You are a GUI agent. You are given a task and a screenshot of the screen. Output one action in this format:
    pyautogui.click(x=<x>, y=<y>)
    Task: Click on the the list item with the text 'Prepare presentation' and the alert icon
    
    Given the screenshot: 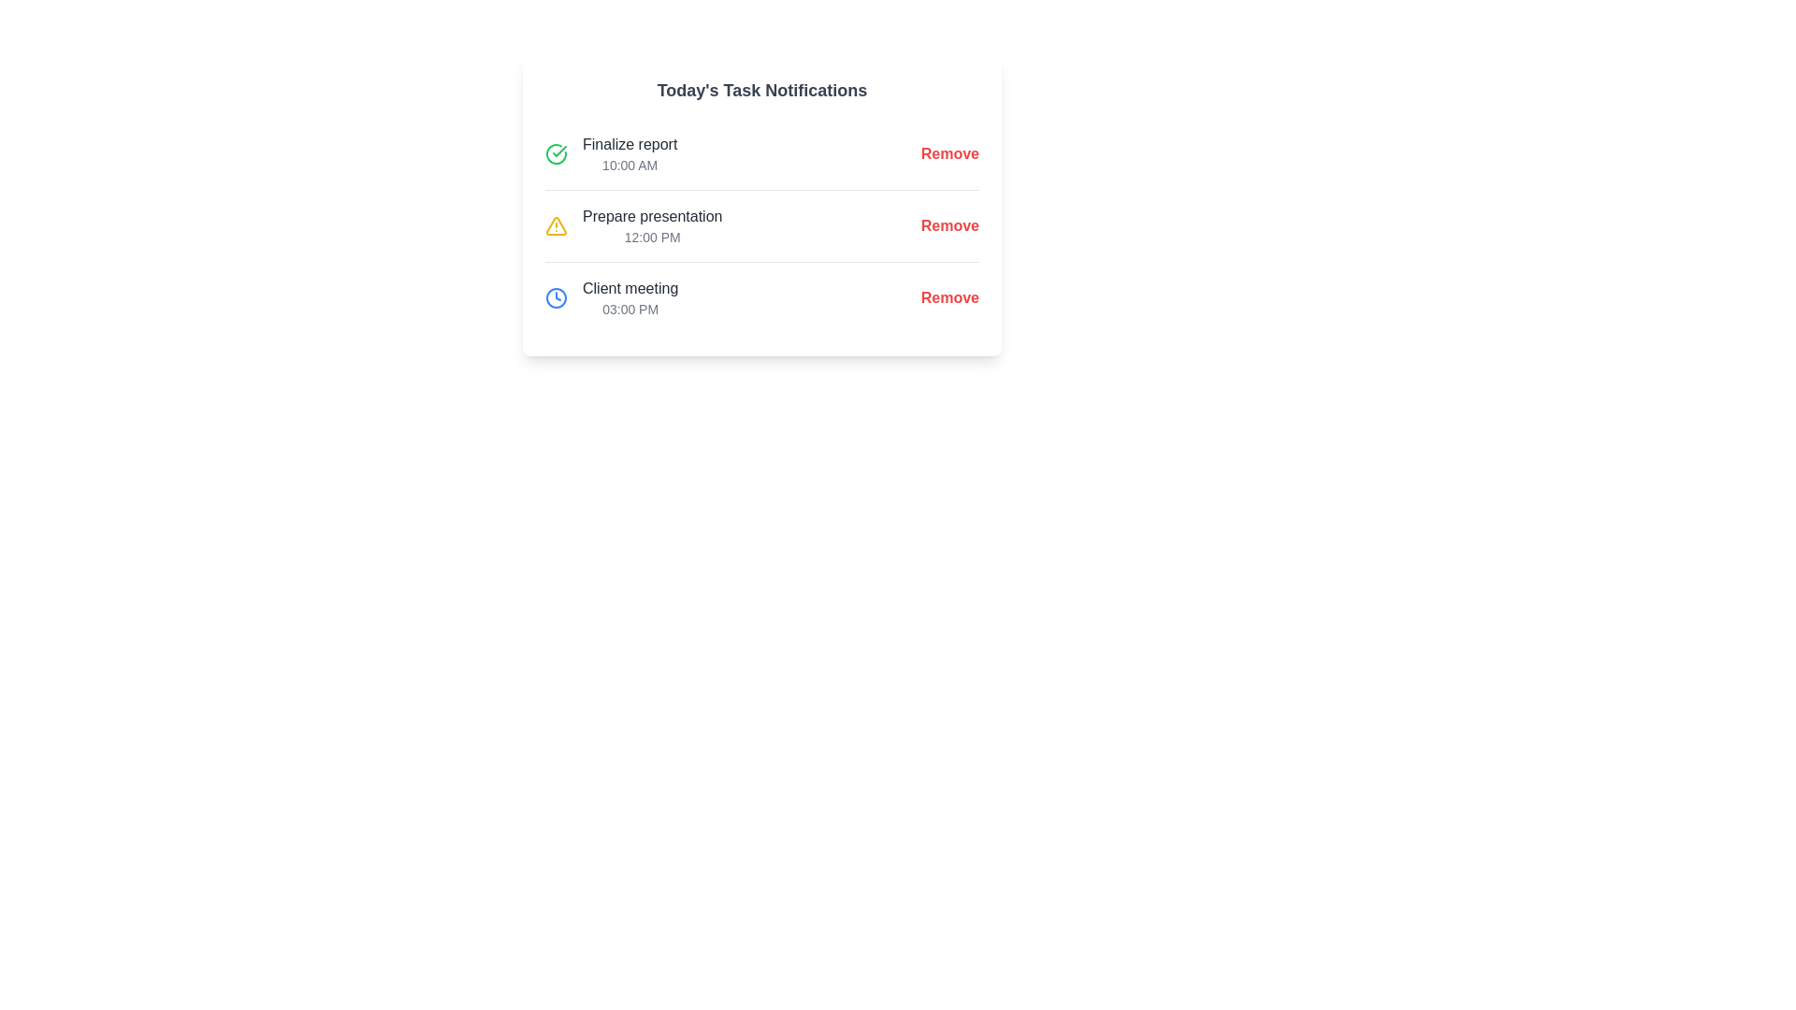 What is the action you would take?
    pyautogui.click(x=633, y=225)
    